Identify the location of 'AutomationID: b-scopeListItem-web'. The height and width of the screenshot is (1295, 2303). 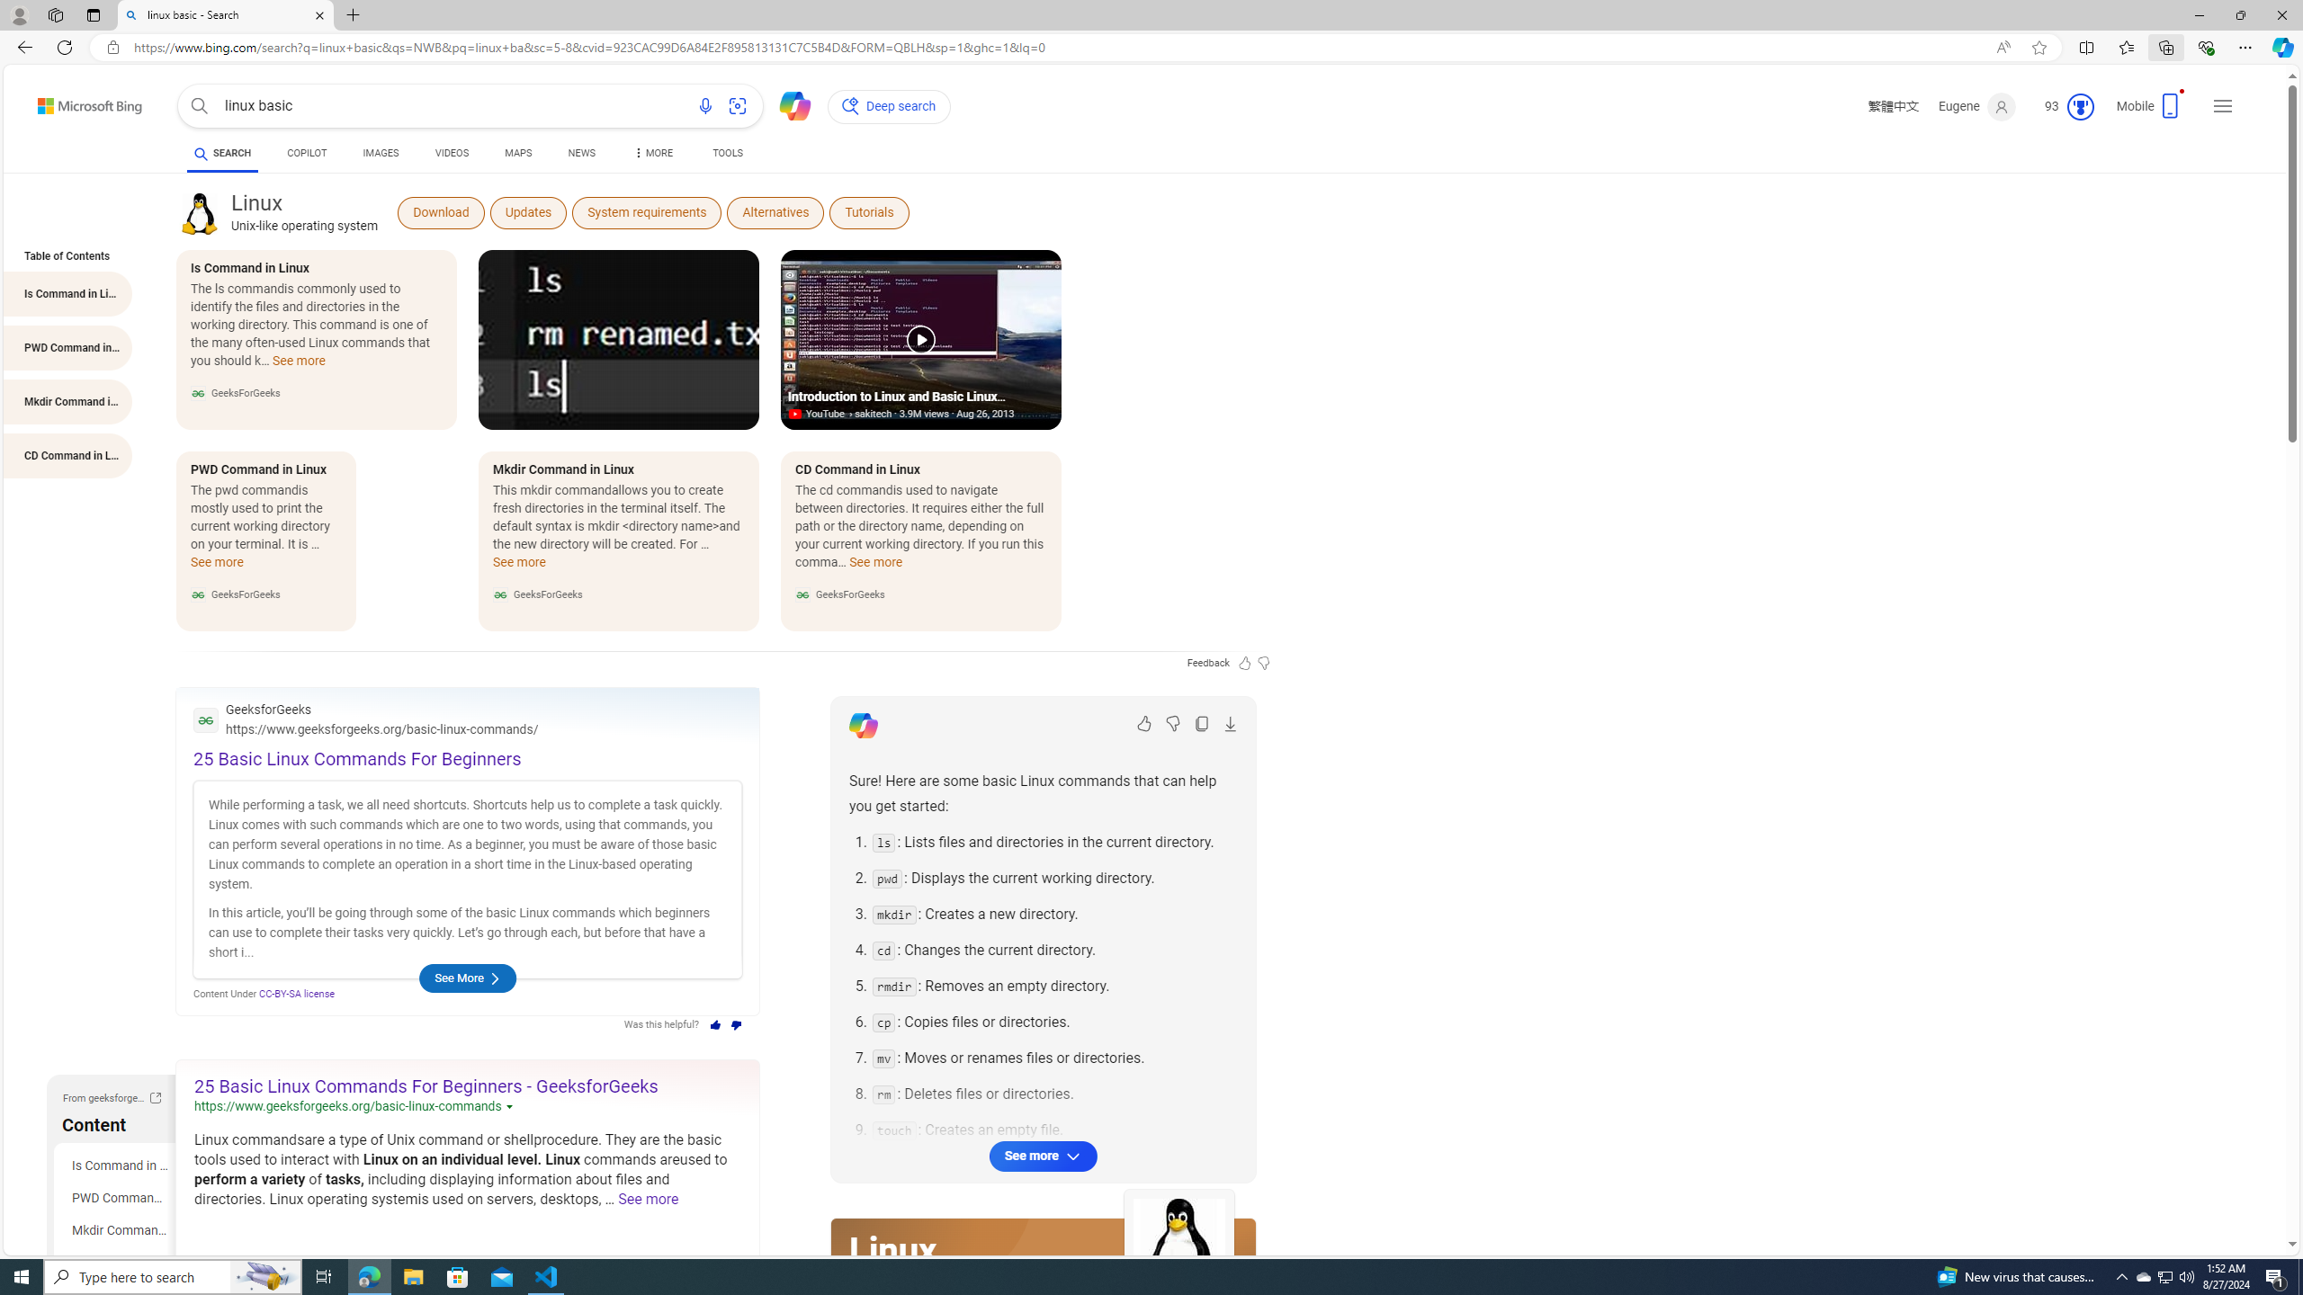
(221, 152).